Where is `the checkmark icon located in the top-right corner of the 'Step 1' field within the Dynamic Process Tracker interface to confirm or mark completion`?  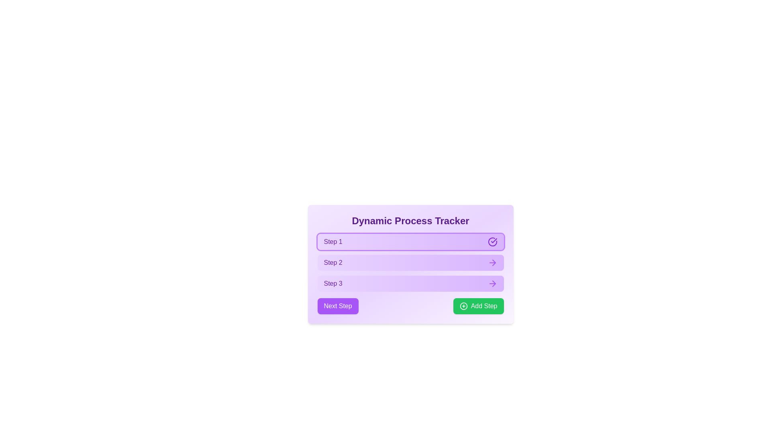
the checkmark icon located in the top-right corner of the 'Step 1' field within the Dynamic Process Tracker interface to confirm or mark completion is located at coordinates (493, 240).